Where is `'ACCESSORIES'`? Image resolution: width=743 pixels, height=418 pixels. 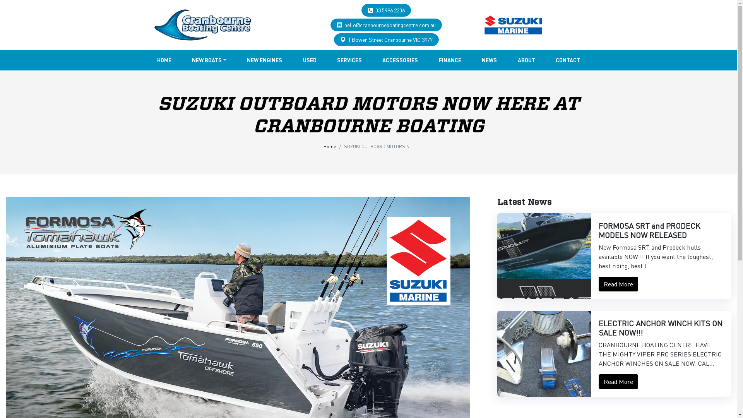 'ACCESSORIES' is located at coordinates (400, 60).